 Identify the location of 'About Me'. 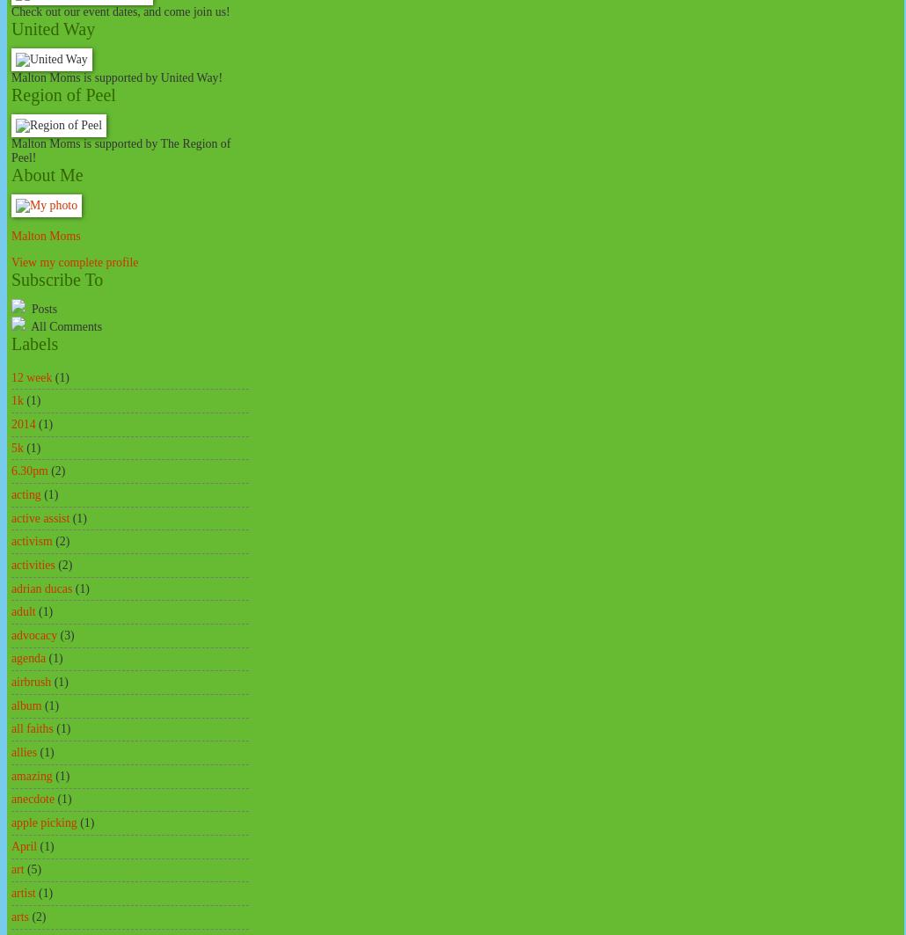
(47, 174).